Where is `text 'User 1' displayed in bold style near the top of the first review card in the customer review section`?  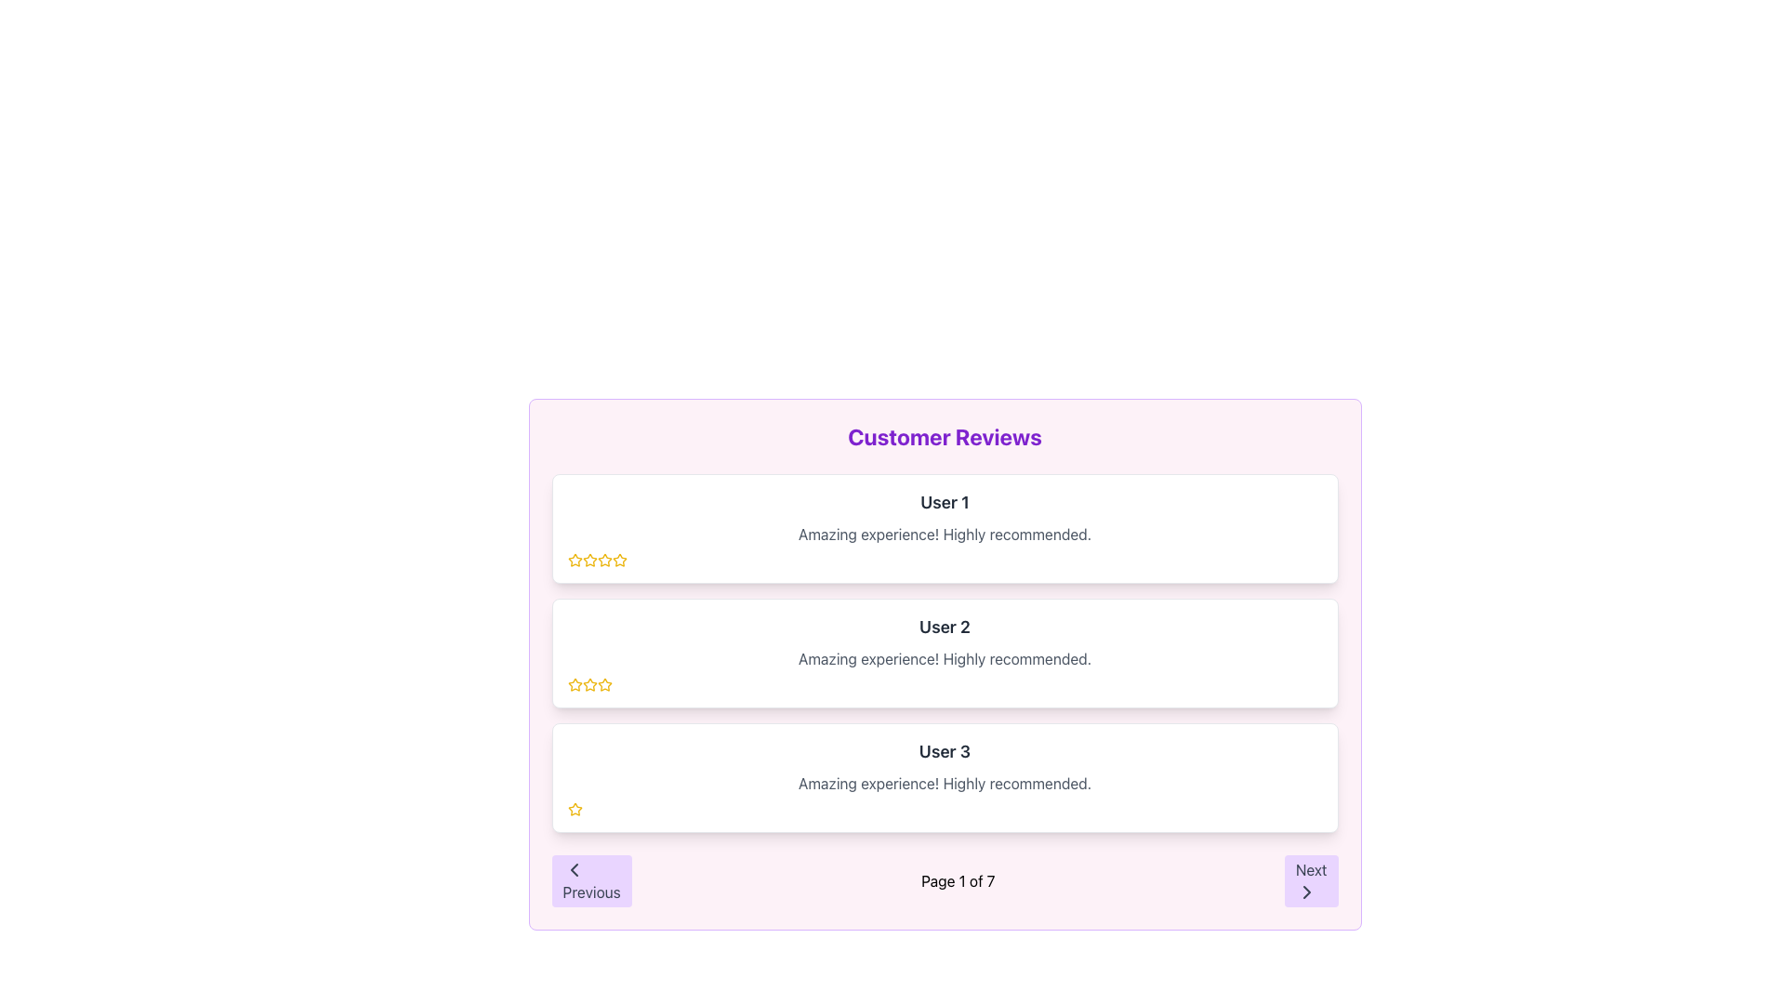
text 'User 1' displayed in bold style near the top of the first review card in the customer review section is located at coordinates (945, 502).